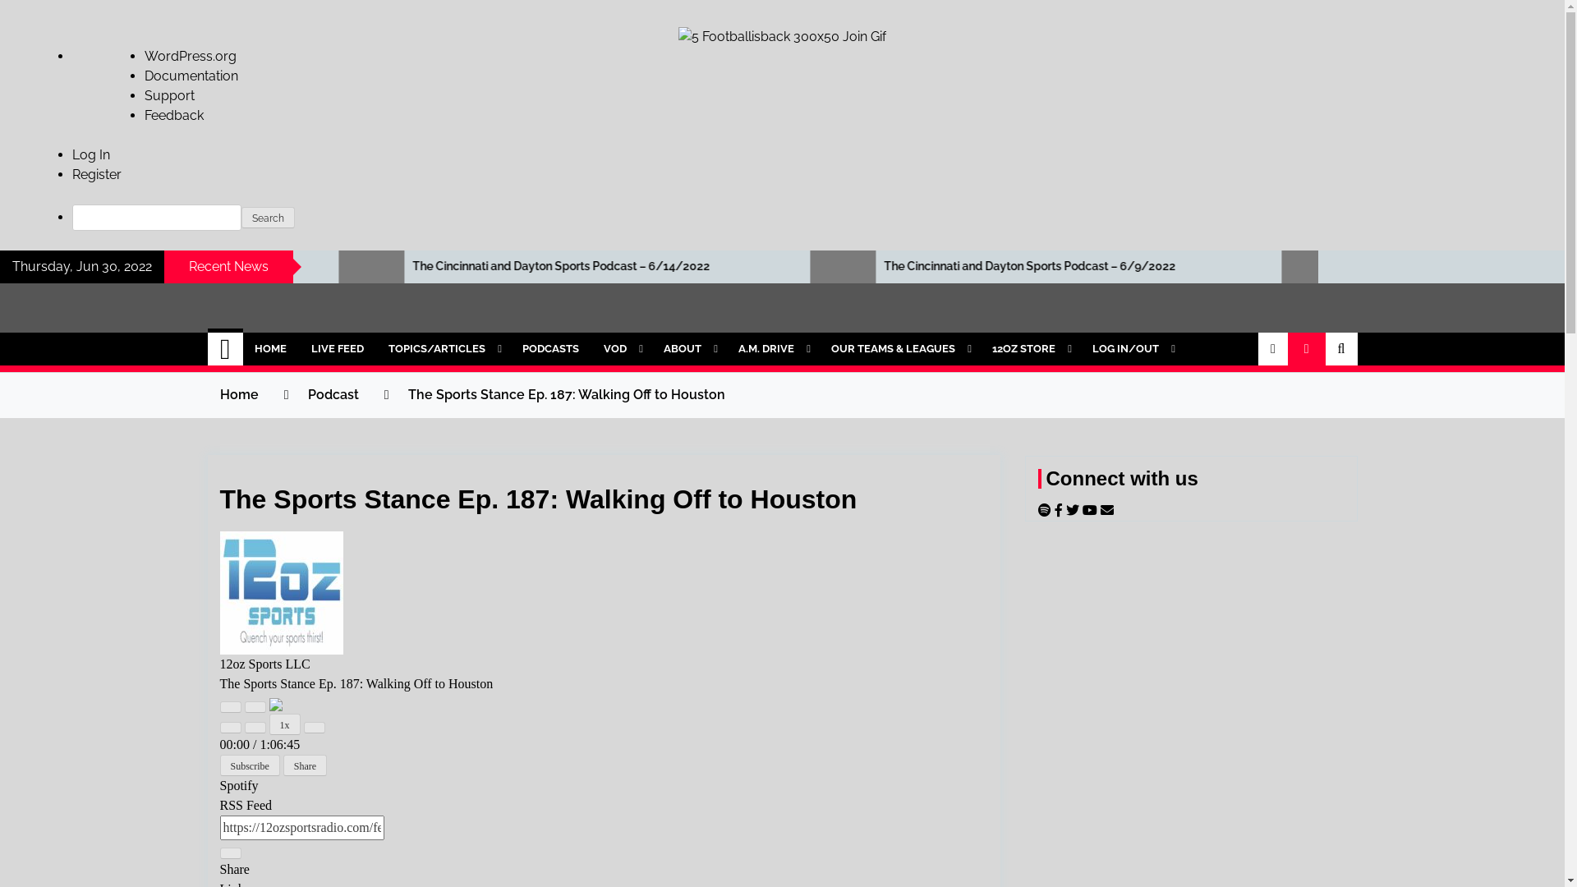 This screenshot has width=1577, height=887. Describe the element at coordinates (1045, 509) in the screenshot. I see `'12oz Sports Network on Spotify'` at that location.